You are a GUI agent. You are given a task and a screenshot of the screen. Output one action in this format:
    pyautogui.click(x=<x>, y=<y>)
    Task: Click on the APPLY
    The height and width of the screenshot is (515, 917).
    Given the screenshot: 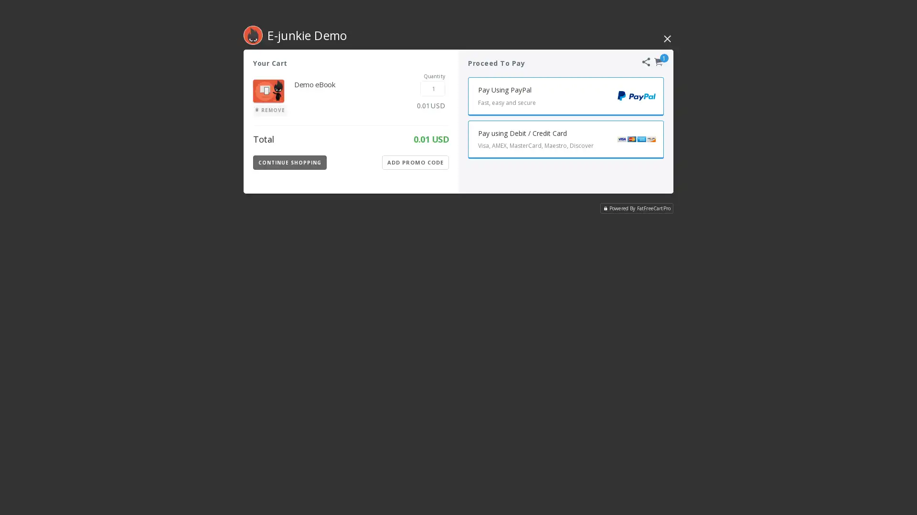 What is the action you would take?
    pyautogui.click(x=424, y=161)
    